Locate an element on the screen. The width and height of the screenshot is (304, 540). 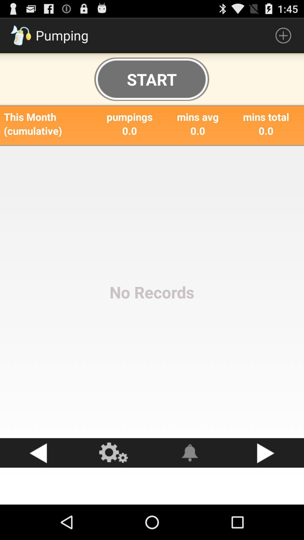
settings button is located at coordinates (114, 453).